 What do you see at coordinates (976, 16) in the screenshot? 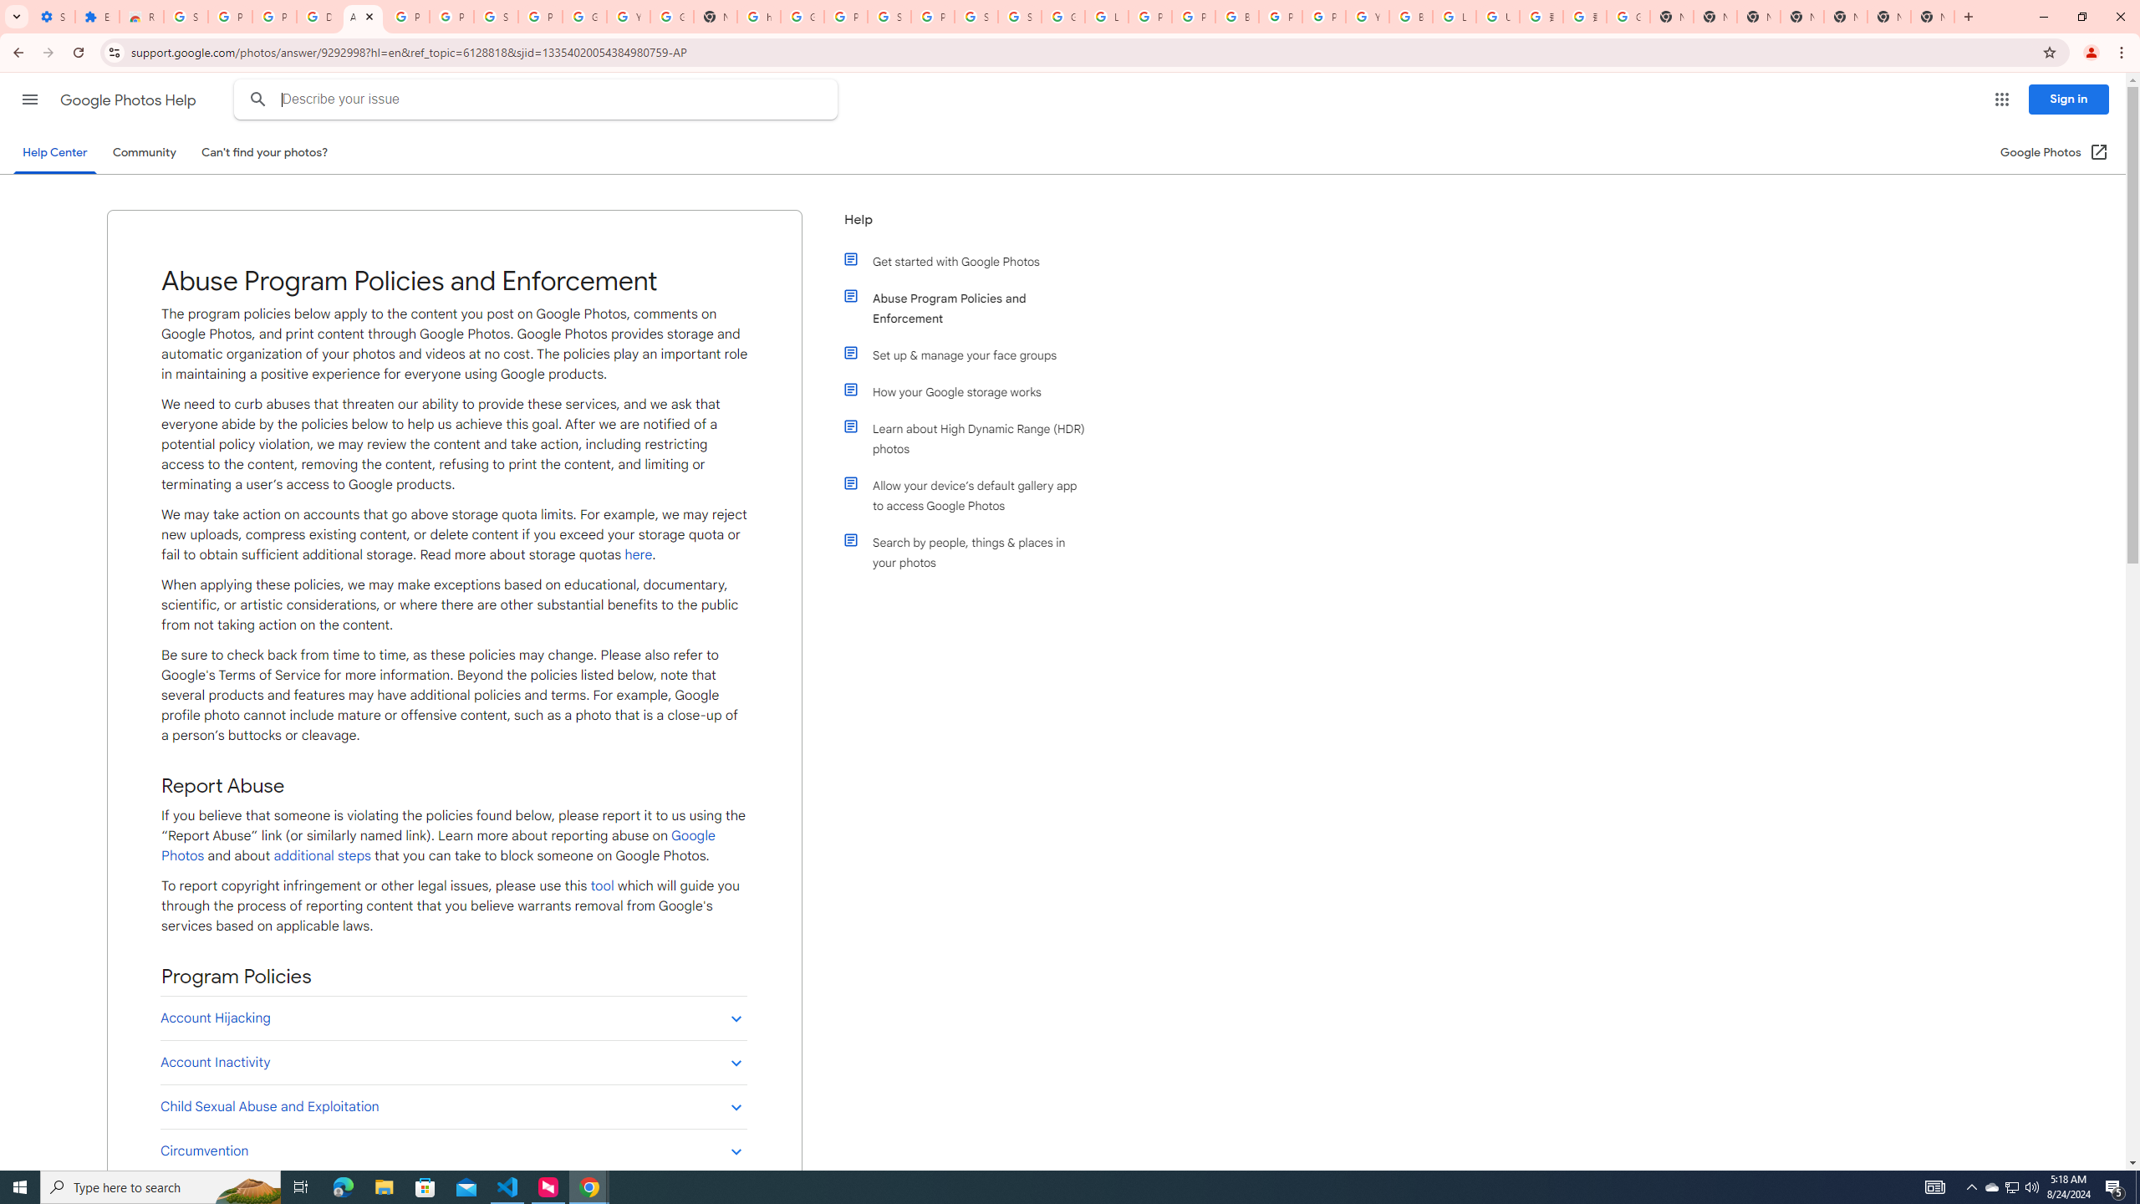
I see `'Sign in - Google Accounts'` at bounding box center [976, 16].